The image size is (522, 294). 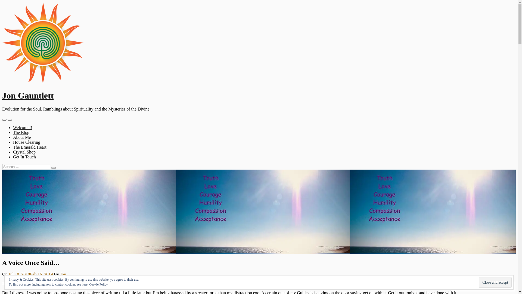 What do you see at coordinates (27, 95) in the screenshot?
I see `'Jon Gauntlett'` at bounding box center [27, 95].